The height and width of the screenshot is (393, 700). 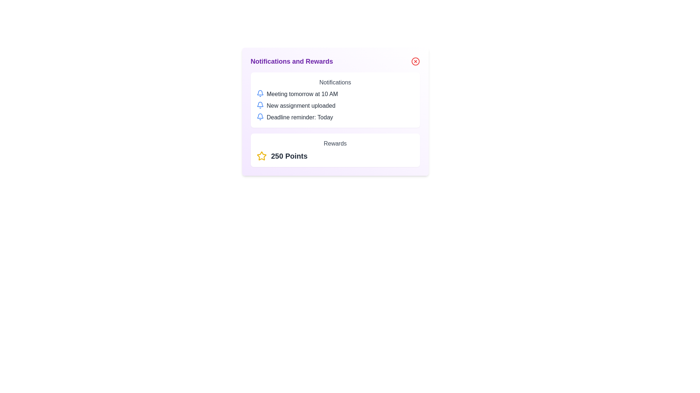 I want to click on the text displaying 'Meeting tomorrow at 10 AM' in dark gray color, which is the first item in the notifications list aligned to the right of the bell icon, so click(x=302, y=94).